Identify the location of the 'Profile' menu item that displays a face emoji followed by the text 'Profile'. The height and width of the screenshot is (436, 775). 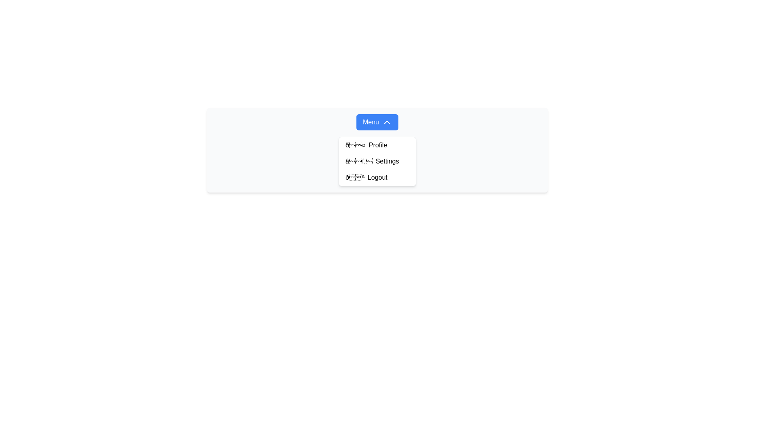
(377, 145).